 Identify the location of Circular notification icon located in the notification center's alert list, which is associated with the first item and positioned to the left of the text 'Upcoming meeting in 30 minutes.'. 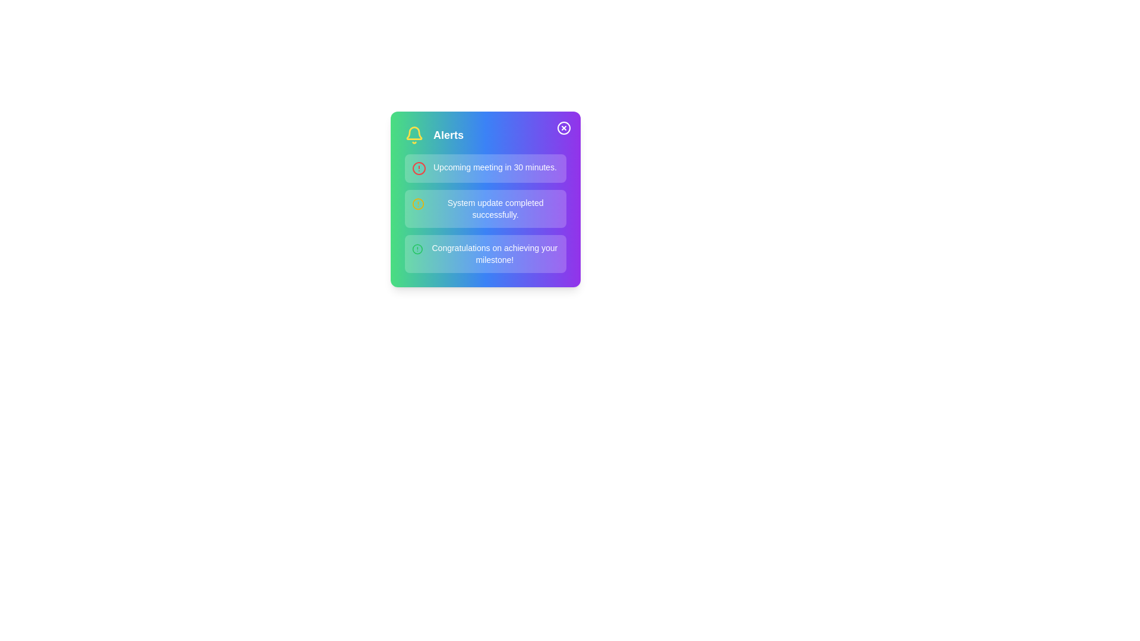
(419, 169).